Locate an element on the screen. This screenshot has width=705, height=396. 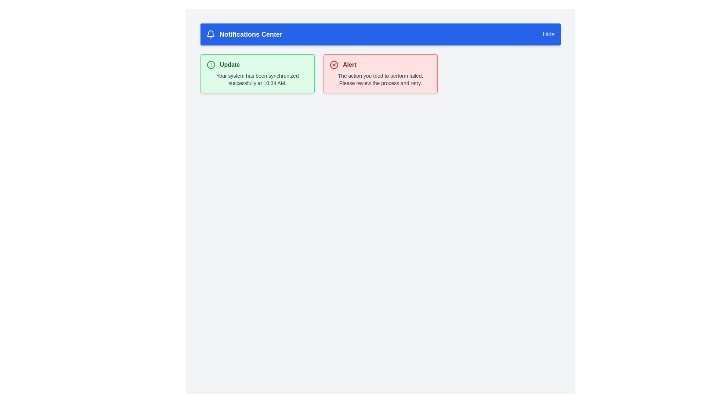
notification title labeled 'Alert' which is styled in bold red text and located next to a red circular icon at the top section of the alert notification card is located at coordinates (380, 65).